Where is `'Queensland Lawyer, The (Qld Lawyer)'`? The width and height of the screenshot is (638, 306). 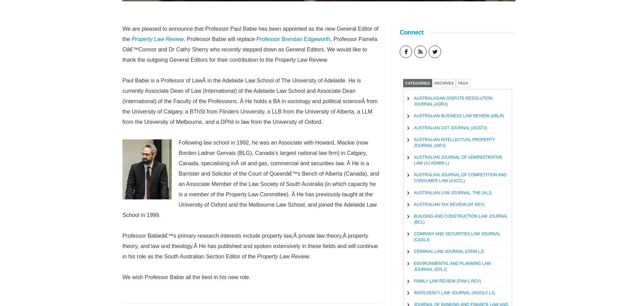 'Queensland Lawyer, The (Qld Lawyer)' is located at coordinates (252, 87).